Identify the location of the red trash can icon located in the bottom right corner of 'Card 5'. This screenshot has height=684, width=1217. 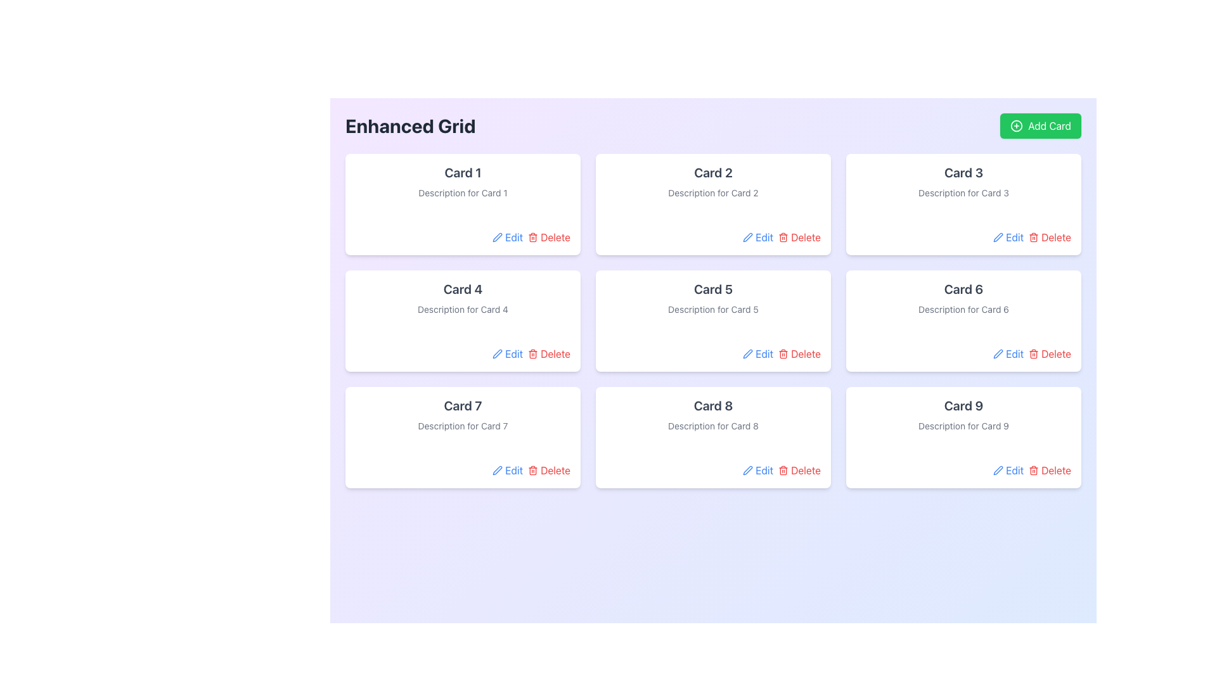
(783, 354).